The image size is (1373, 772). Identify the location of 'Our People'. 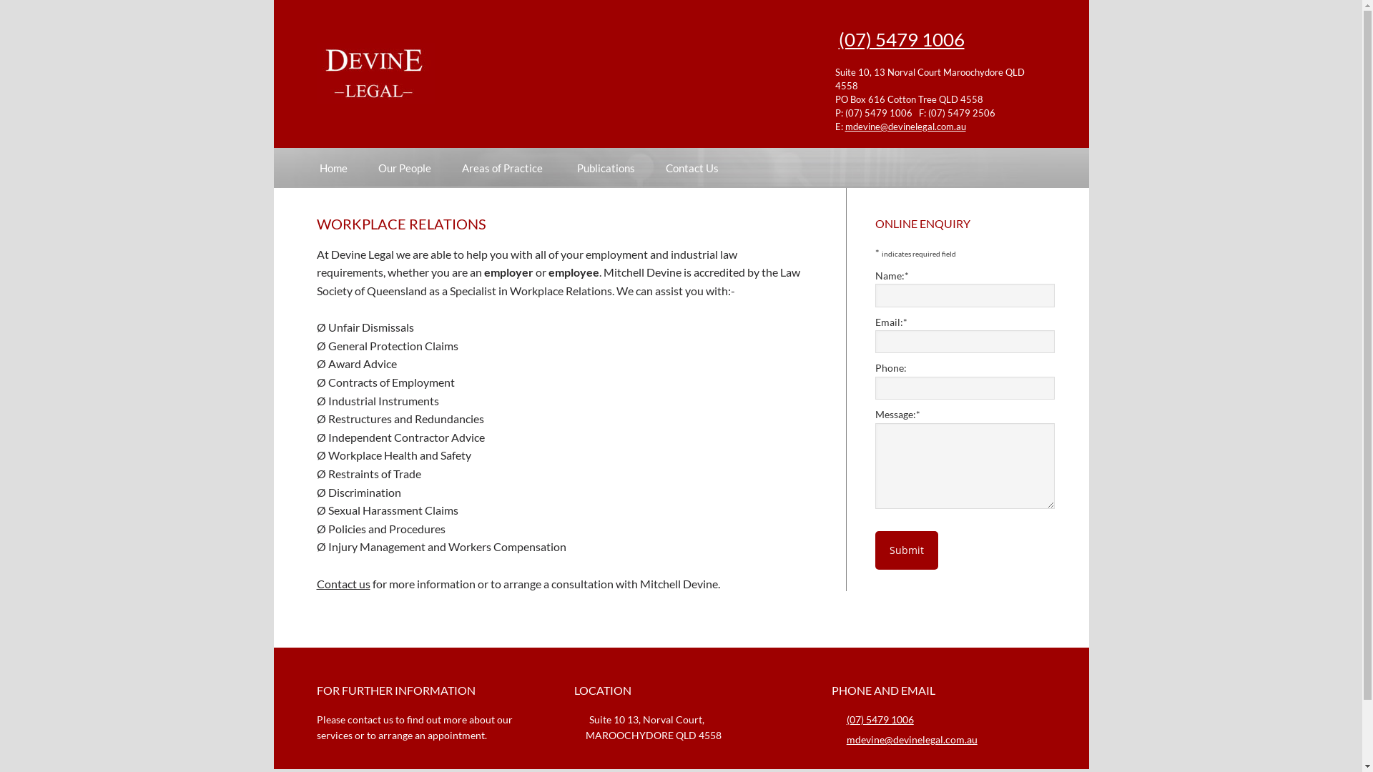
(403, 167).